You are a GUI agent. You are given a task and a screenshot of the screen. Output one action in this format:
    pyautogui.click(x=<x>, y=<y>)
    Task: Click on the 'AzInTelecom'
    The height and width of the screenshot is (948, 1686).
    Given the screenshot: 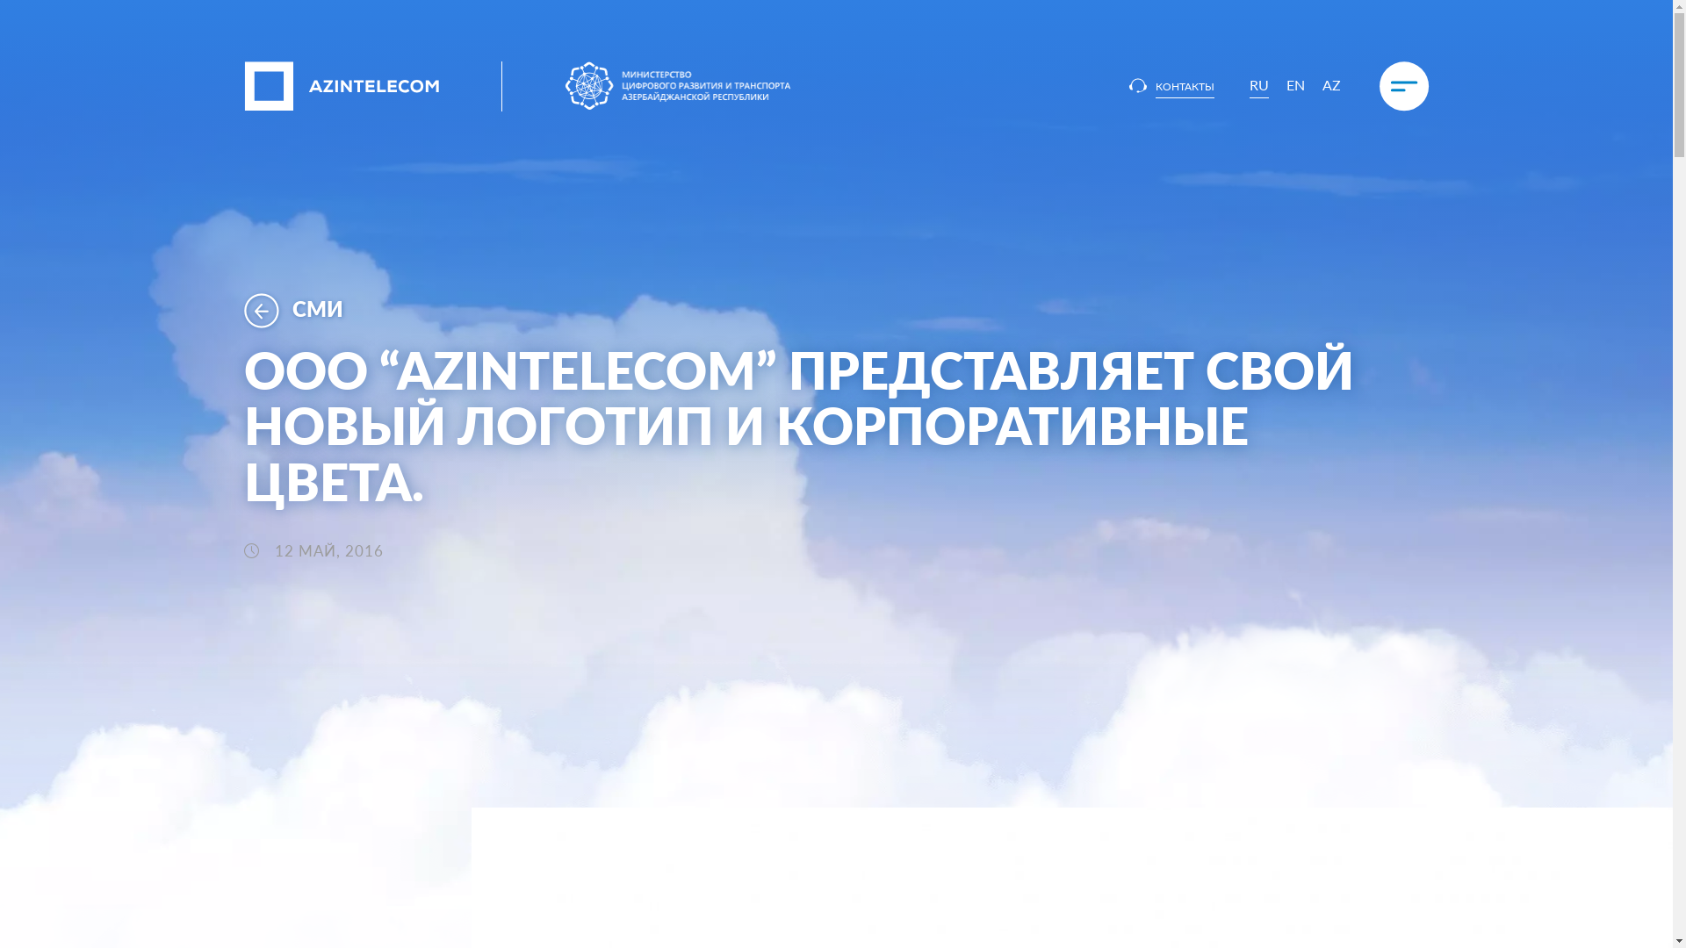 What is the action you would take?
    pyautogui.click(x=342, y=82)
    